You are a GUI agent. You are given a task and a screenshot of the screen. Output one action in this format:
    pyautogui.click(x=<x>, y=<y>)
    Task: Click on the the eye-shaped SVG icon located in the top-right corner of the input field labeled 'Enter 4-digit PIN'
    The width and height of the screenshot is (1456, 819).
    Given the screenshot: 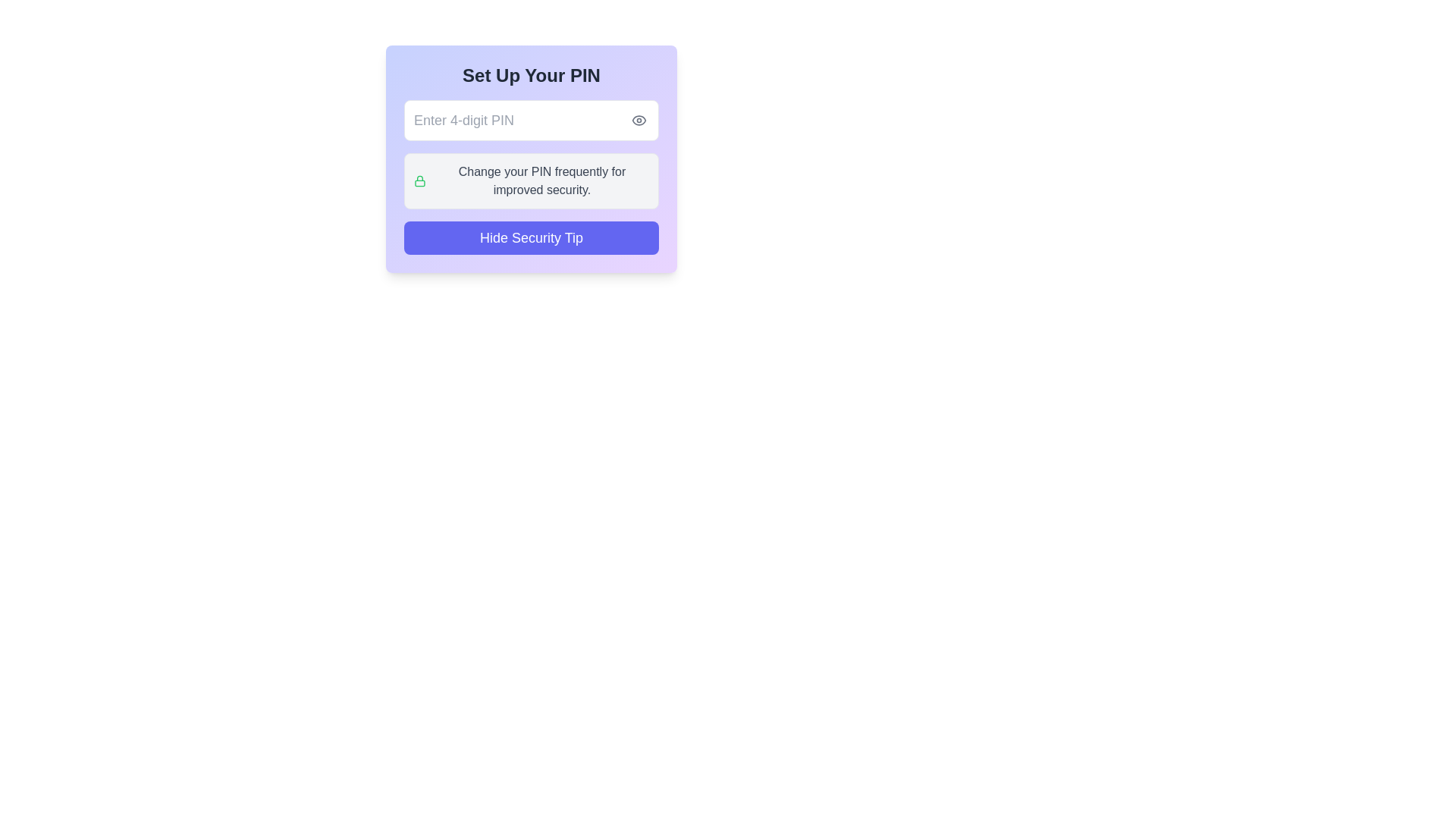 What is the action you would take?
    pyautogui.click(x=639, y=119)
    